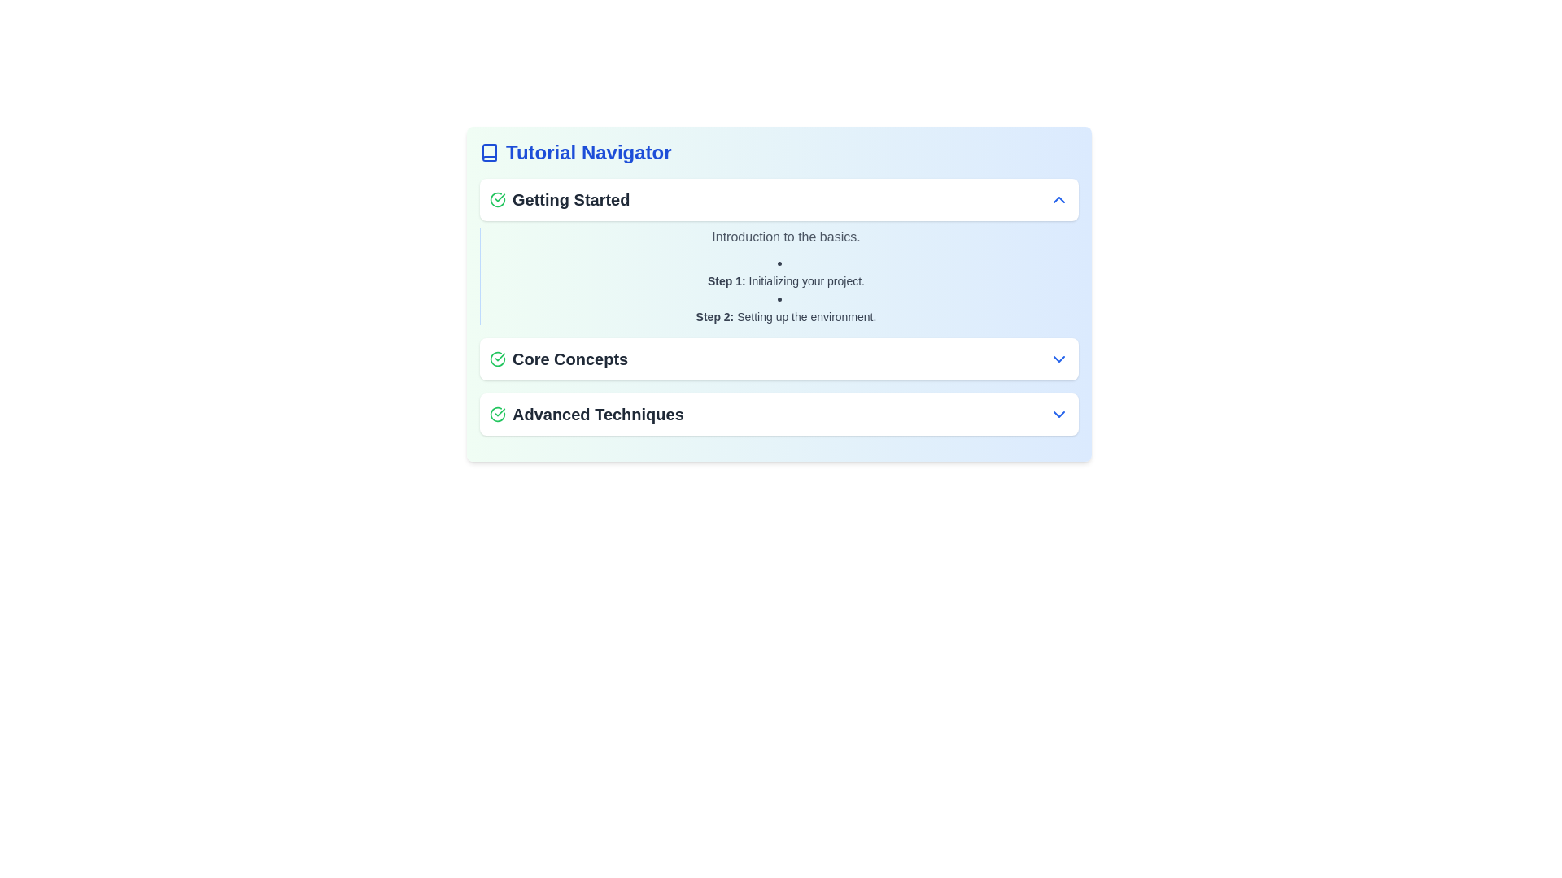  What do you see at coordinates (1058, 359) in the screenshot?
I see `the downward-pointing blue chevron dropdown toggle located beside the text 'Core Concepts'` at bounding box center [1058, 359].